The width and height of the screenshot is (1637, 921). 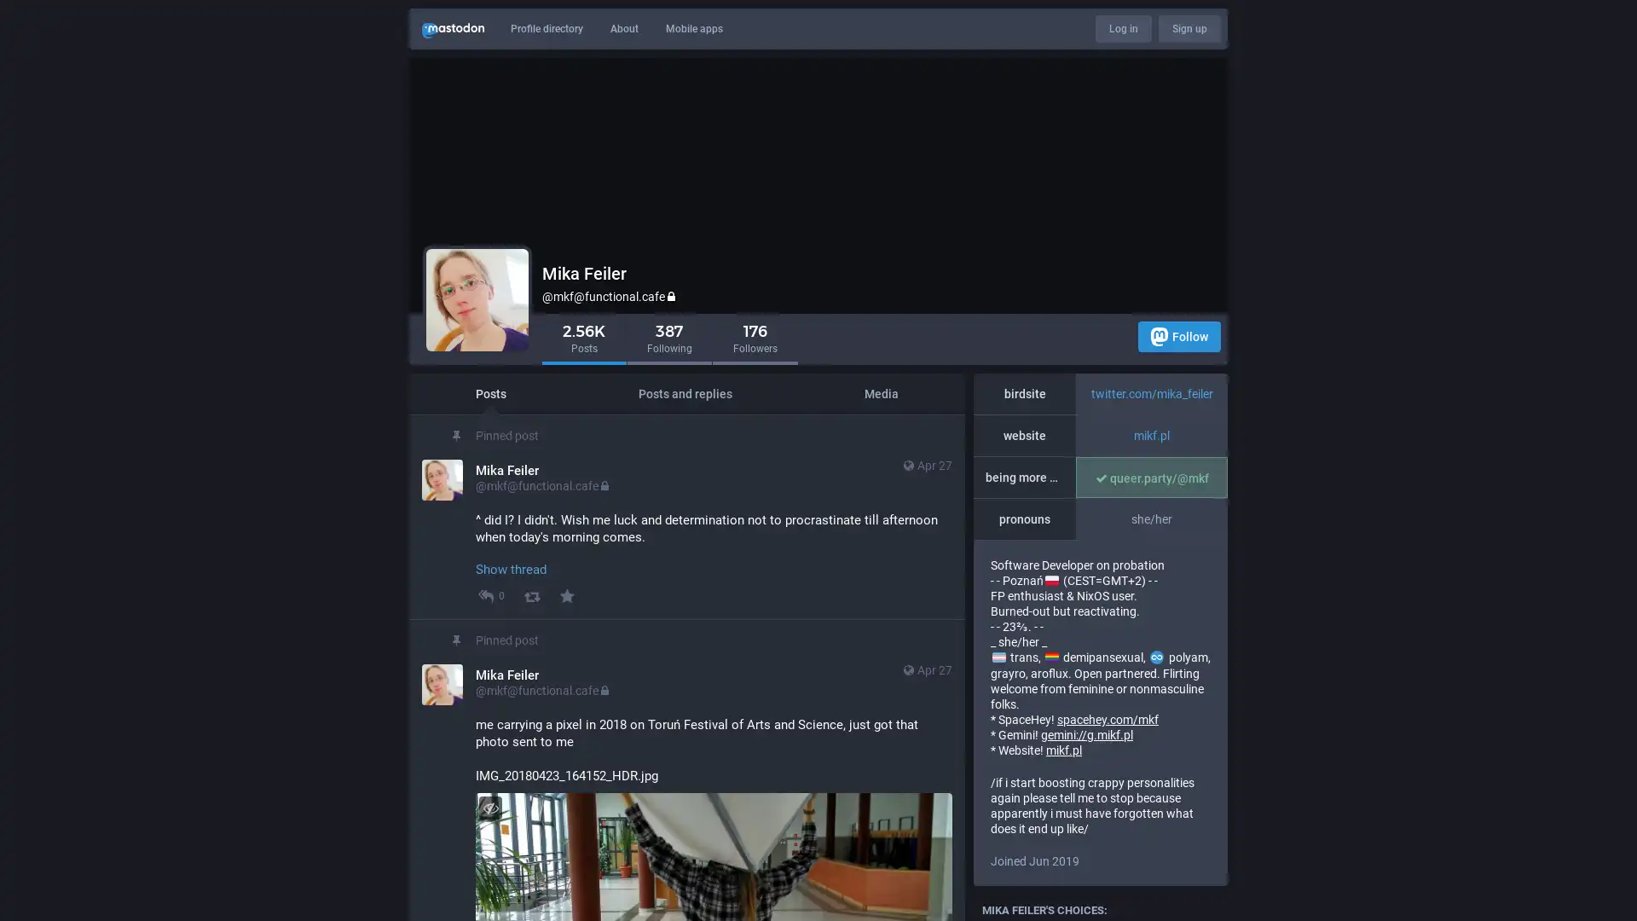 What do you see at coordinates (489, 807) in the screenshot?
I see `Hide image` at bounding box center [489, 807].